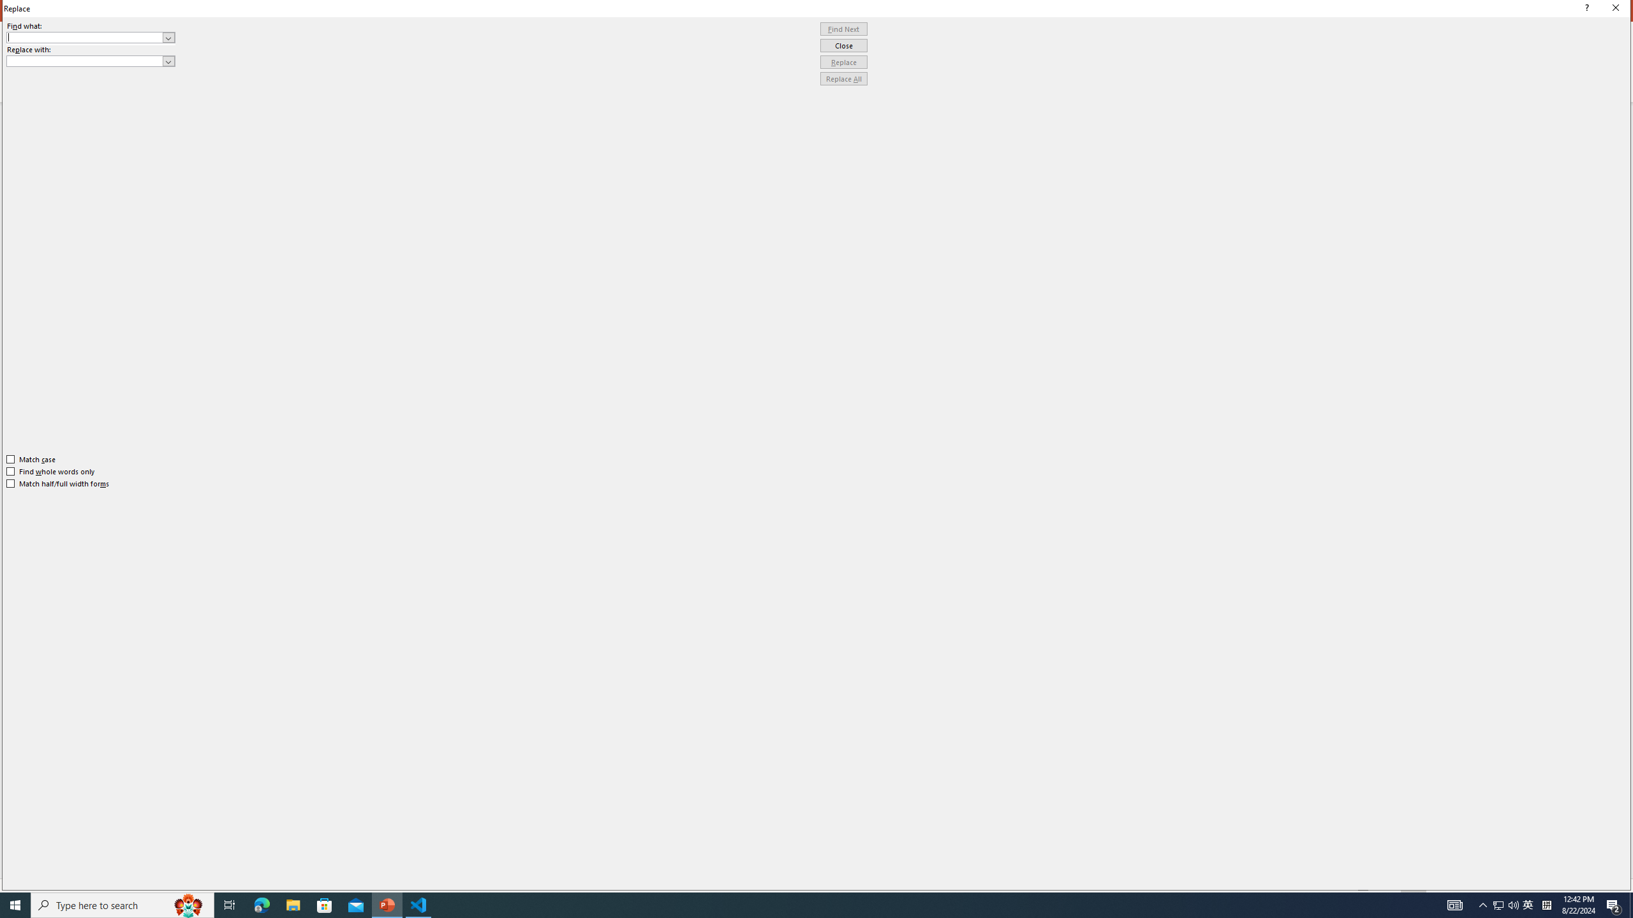  Describe the element at coordinates (91, 61) in the screenshot. I see `'Replace with'` at that location.